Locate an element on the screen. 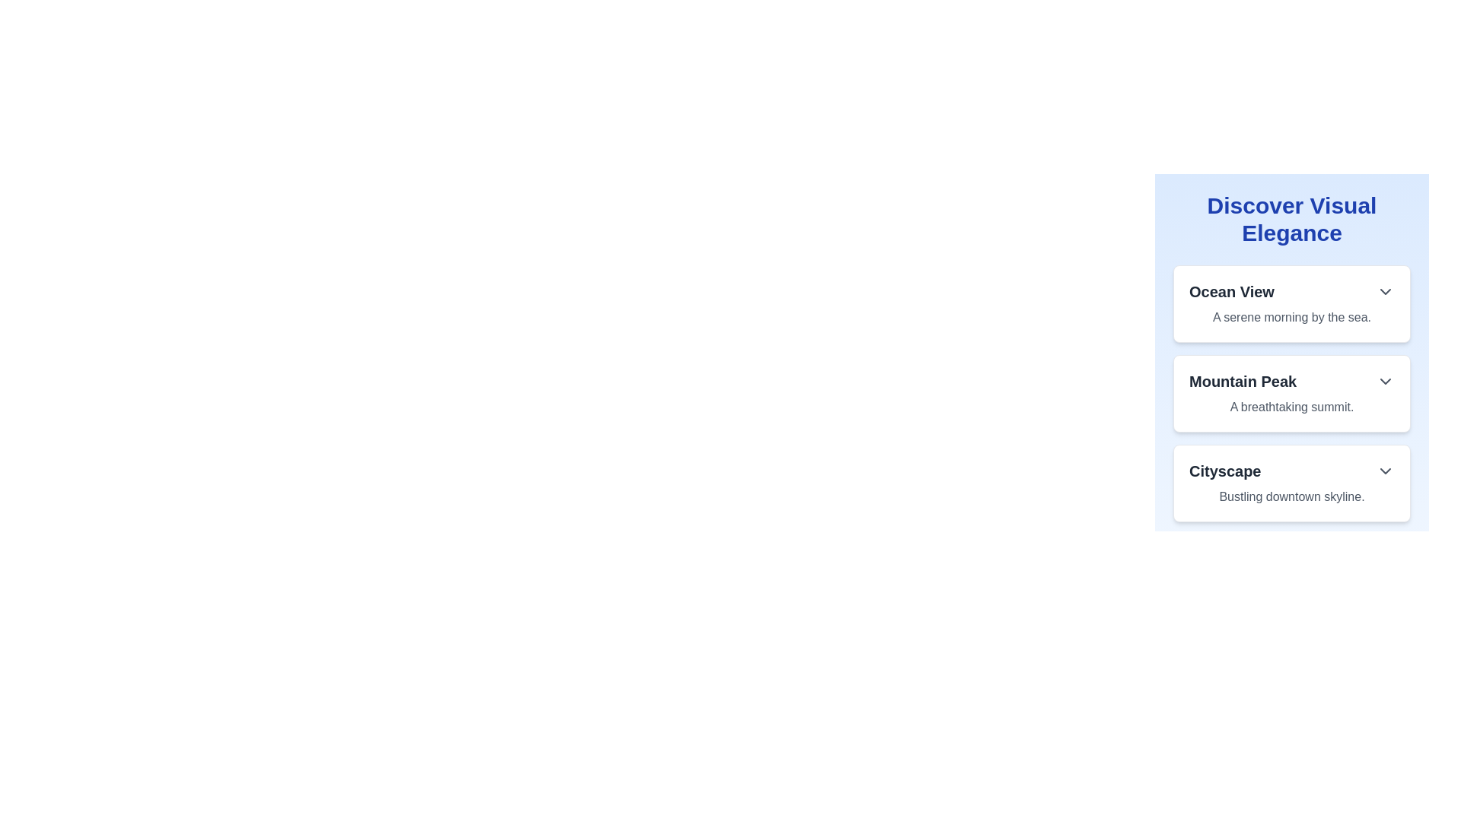 The height and width of the screenshot is (821, 1461). the 'Mountain Peak' card is located at coordinates (1291, 357).